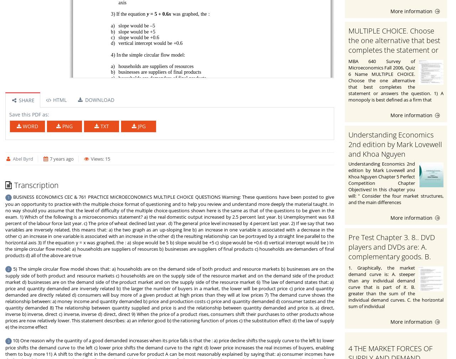 This screenshot has height=359, width=456. I want to click on 'Understanding Economics 2nd edition by Mark Lovewell and Khoa Nguyen Chapter 5 Perfect Competition Chapter Objectives! In this chapter you will: " Consider the four market structures, and the main differences', so click(395, 182).